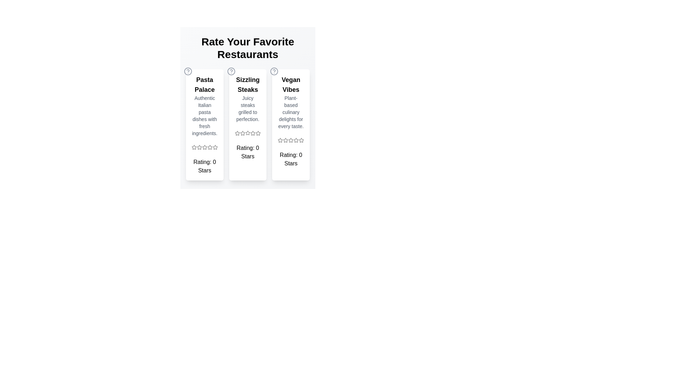  I want to click on the restaurant title text 'Pasta Palace', so click(204, 84).